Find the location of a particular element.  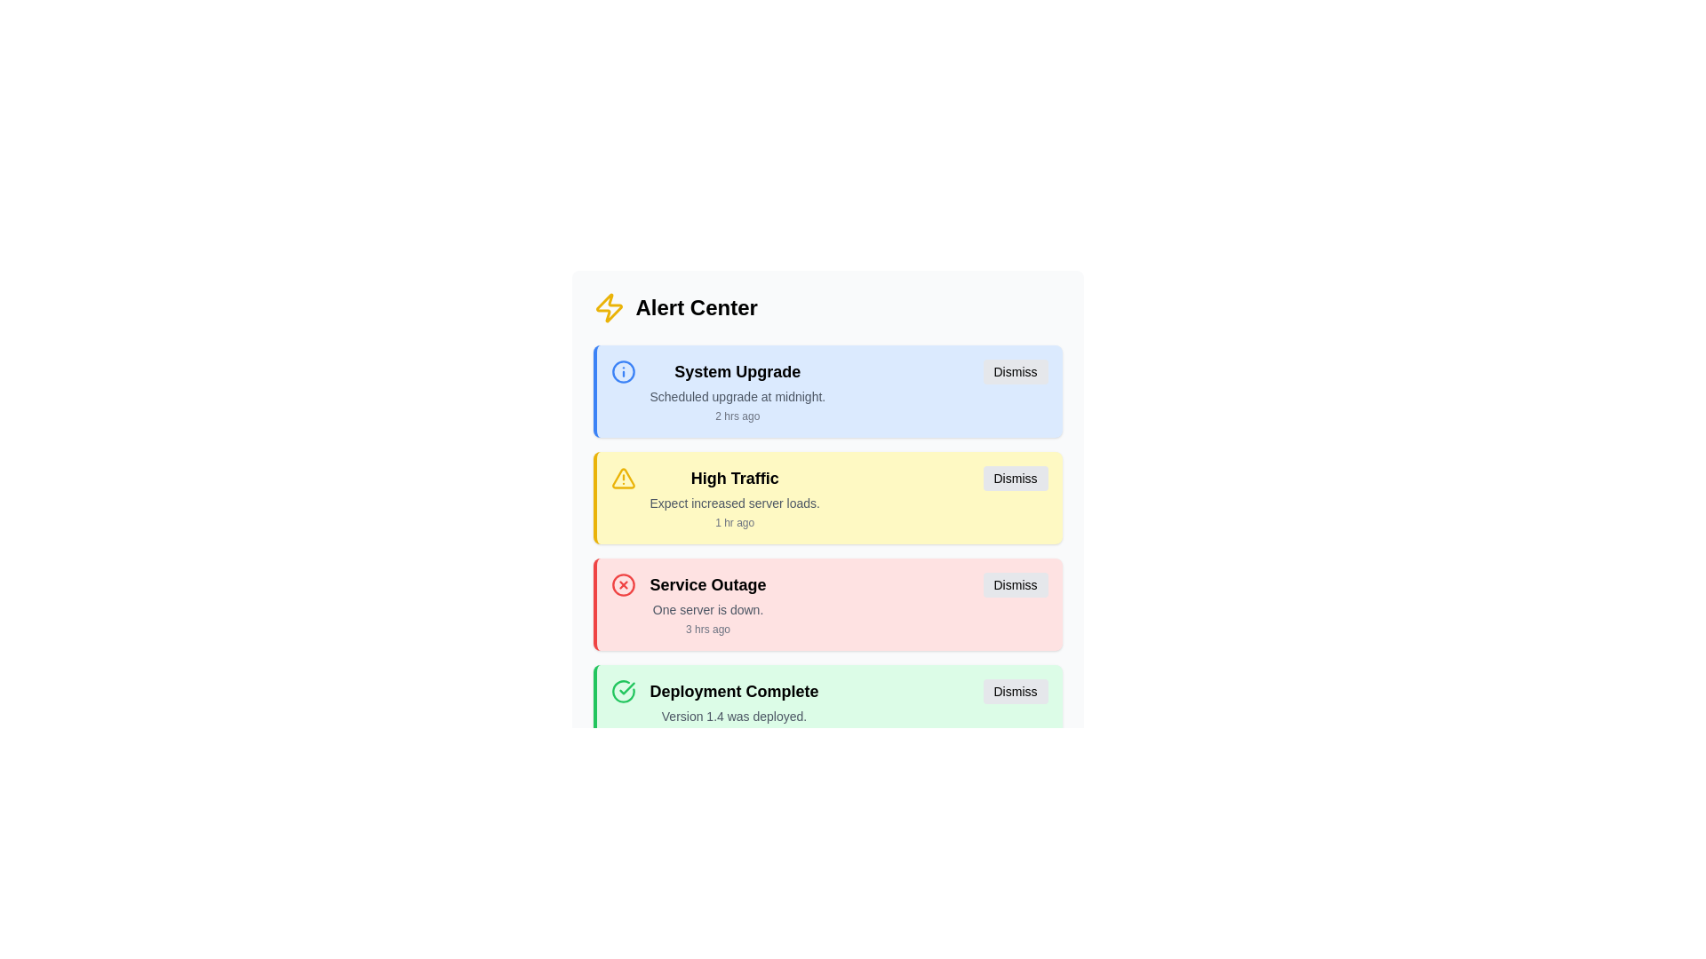

contents of the 'High Traffic' text label, which is prominently displayed in bold, large font on a pale yellow background within the second alert block of the 'Alert Center' is located at coordinates (735, 478).